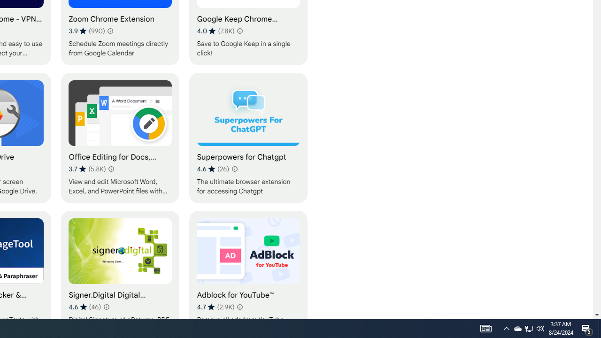 The width and height of the screenshot is (601, 338). I want to click on 'Average rating 3.7 out of 5 stars. 5.8K ratings.', so click(87, 169).